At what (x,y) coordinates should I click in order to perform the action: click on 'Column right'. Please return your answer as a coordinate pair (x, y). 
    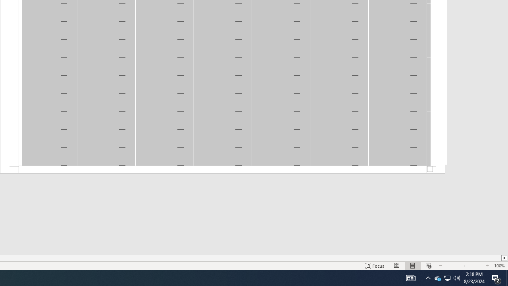
    Looking at the image, I should click on (504, 258).